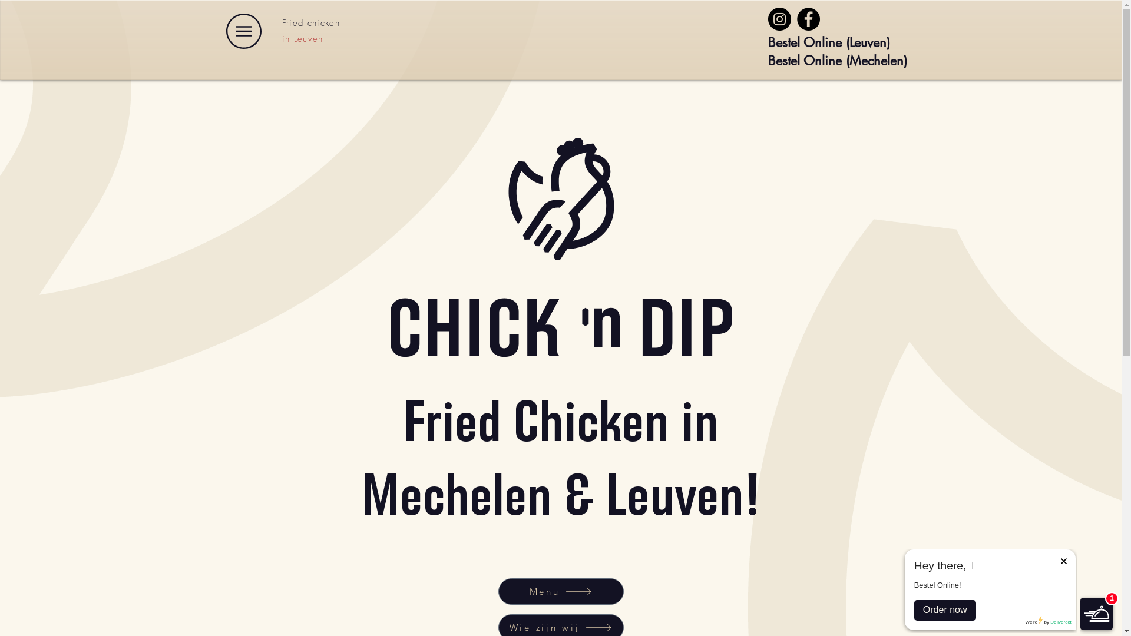  Describe the element at coordinates (302, 38) in the screenshot. I see `'in Leuven'` at that location.